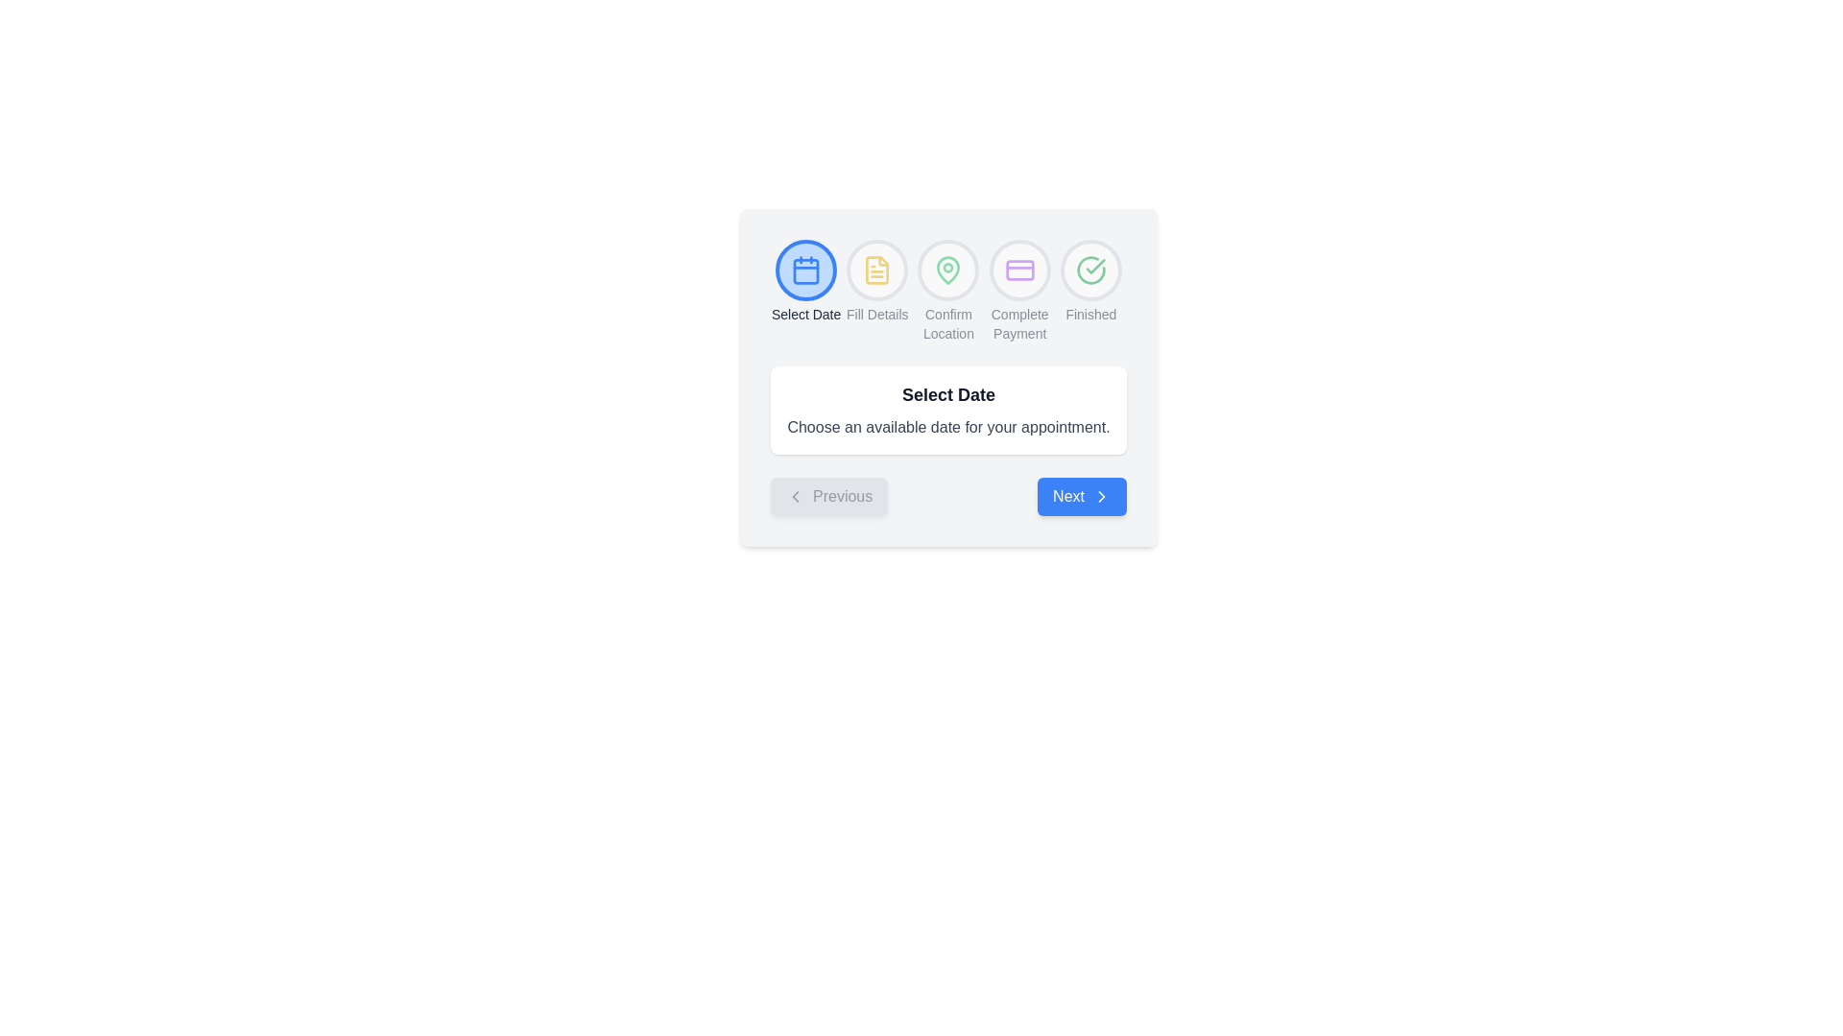  Describe the element at coordinates (948, 292) in the screenshot. I see `the Progress Tracker element, which features five circular icons with the active step 'Confirm Location' highlighted in green within a white circle, located between 'Fill Details' and 'Complete Payment.'` at that location.